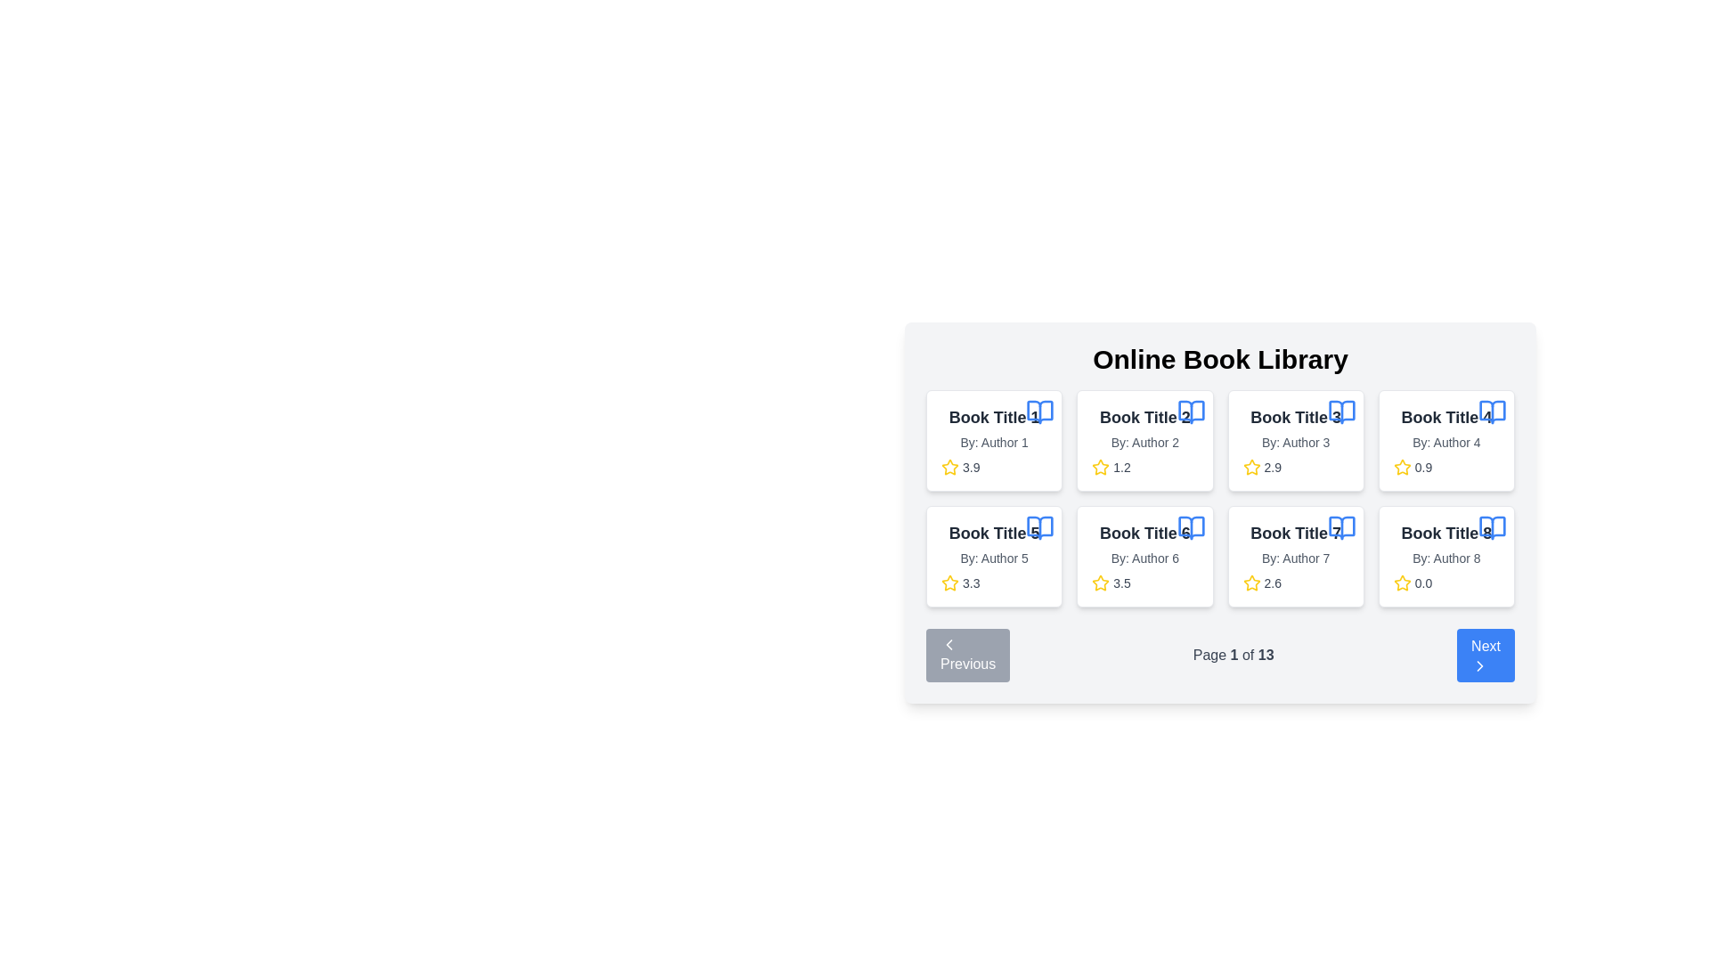 The image size is (1710, 962). What do you see at coordinates (1219, 360) in the screenshot?
I see `or comprehend the header text 'Online Book Library', which is prominently displayed in bold and large font at the top of the layout` at bounding box center [1219, 360].